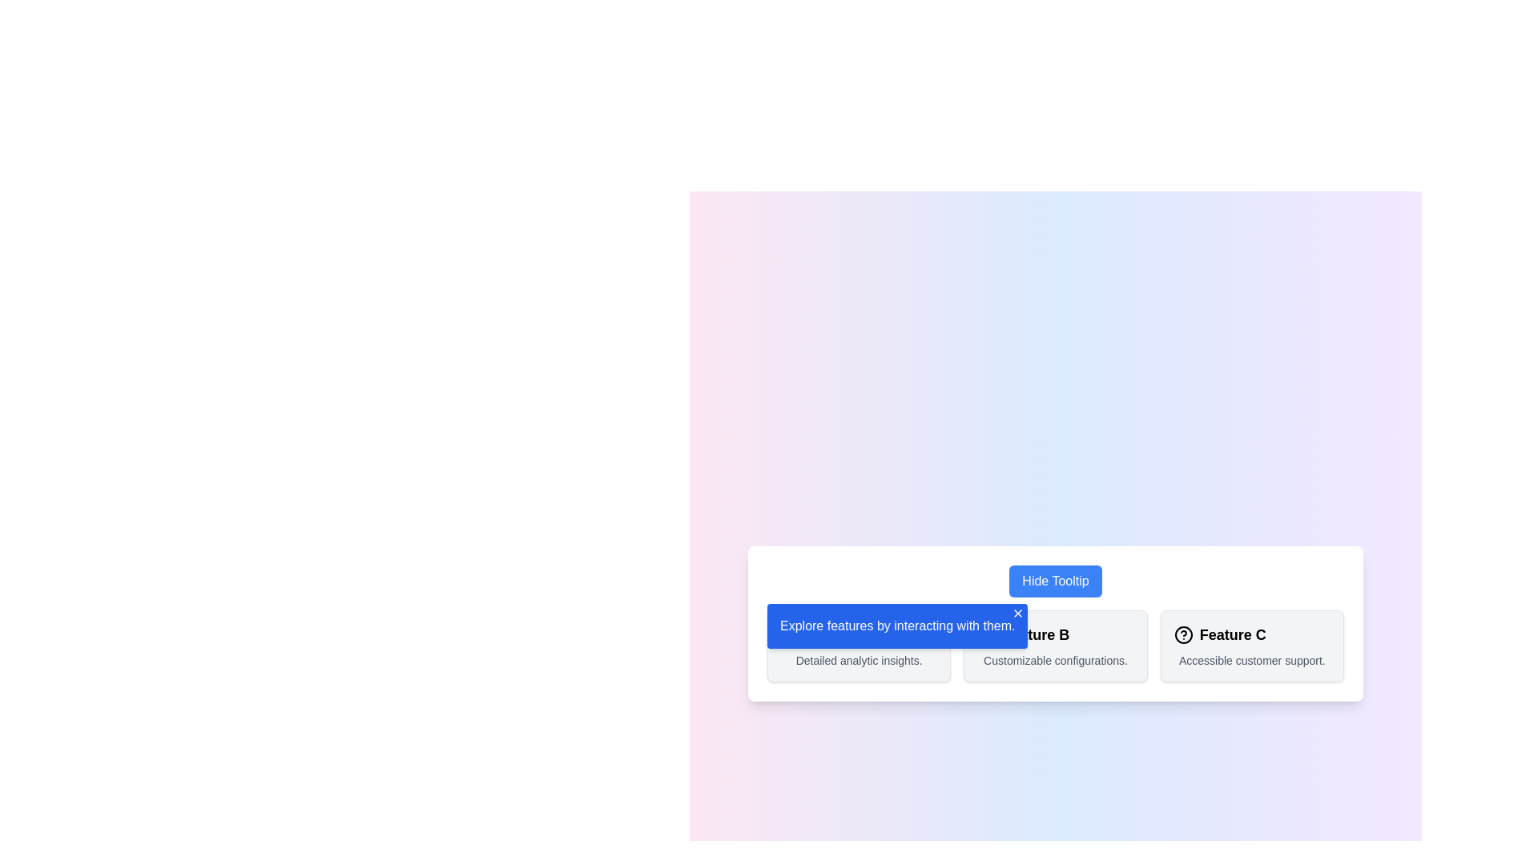 The width and height of the screenshot is (1538, 865). I want to click on the text label providing additional information about 'Feature C', located at the bottom of the 'Feature C' box, adjacent to the descriptive icon, so click(1251, 661).